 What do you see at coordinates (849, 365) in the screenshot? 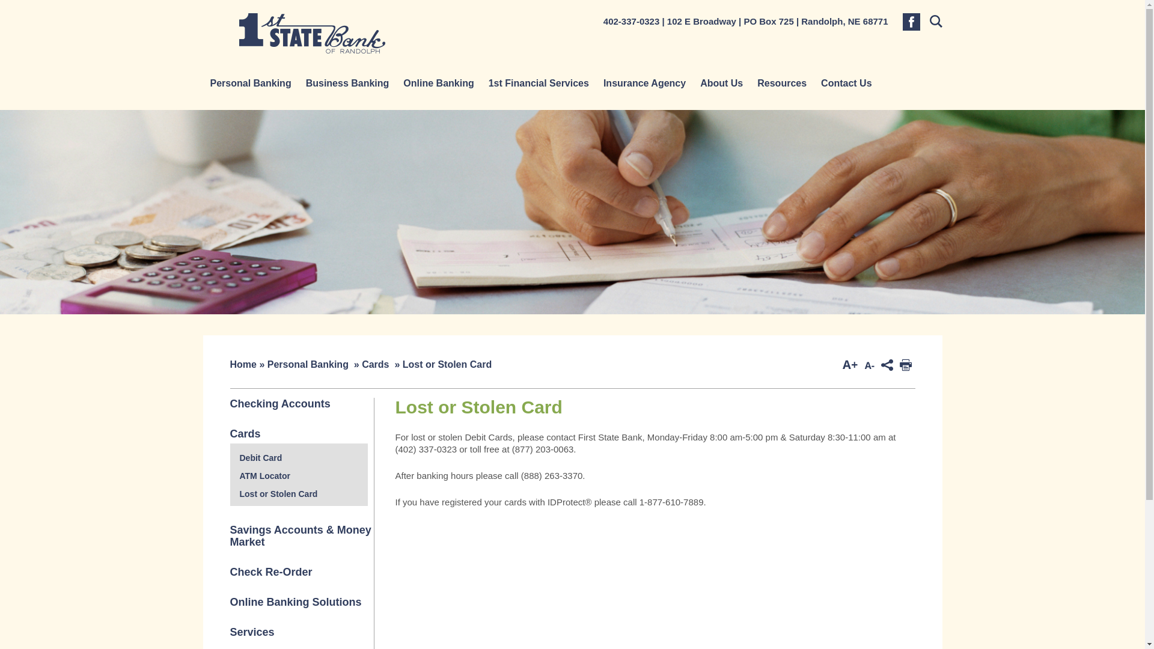
I see `'Increase Font Size'` at bounding box center [849, 365].